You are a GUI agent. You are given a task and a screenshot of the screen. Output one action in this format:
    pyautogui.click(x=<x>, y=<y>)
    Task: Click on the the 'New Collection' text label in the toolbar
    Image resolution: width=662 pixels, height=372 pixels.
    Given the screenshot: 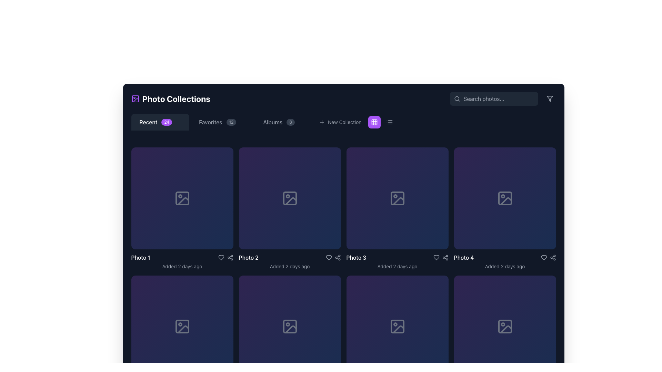 What is the action you would take?
    pyautogui.click(x=344, y=122)
    